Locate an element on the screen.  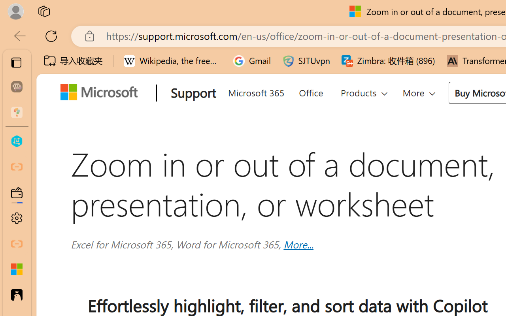
'Adjust indents and spacing - Microsoft Support' is located at coordinates (17, 269).